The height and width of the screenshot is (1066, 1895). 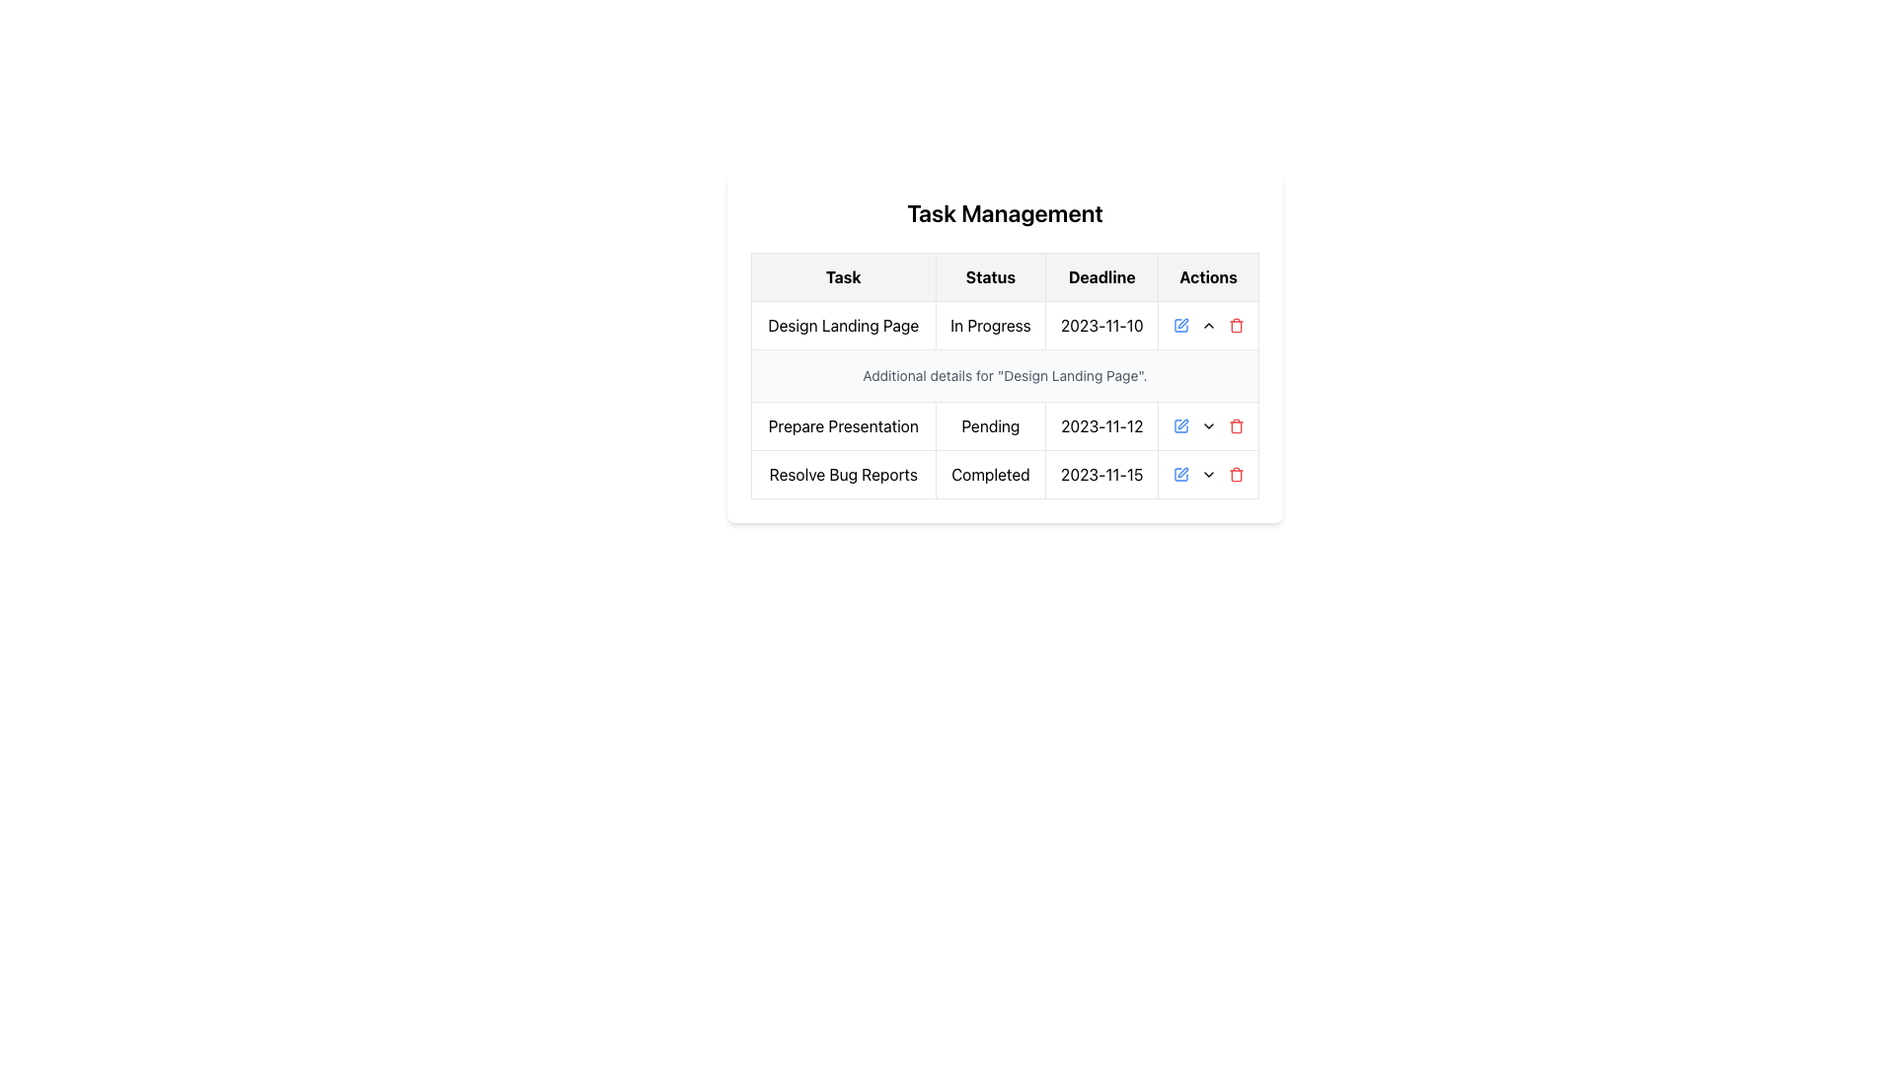 What do you see at coordinates (1207, 325) in the screenshot?
I see `the upward arrow icon located in the 'Actions' column of the first row in the table under the 'Task Management' header` at bounding box center [1207, 325].